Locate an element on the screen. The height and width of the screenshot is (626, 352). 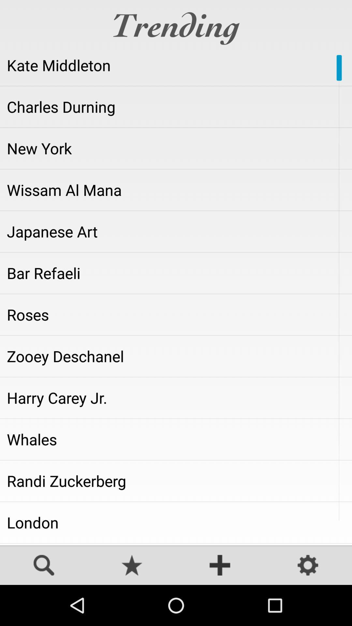
the icon below the kate middleton item is located at coordinates (176, 107).